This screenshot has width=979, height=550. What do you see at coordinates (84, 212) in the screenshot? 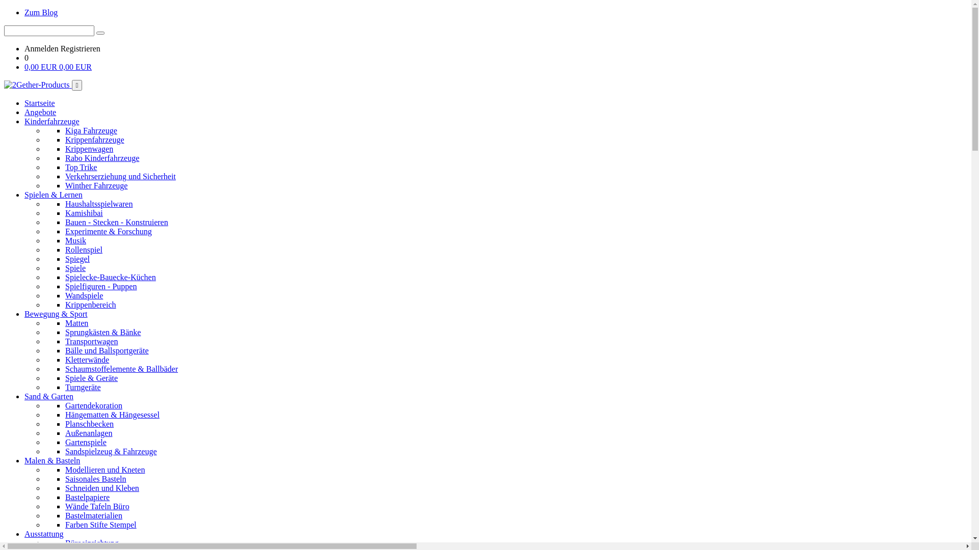
I see `'Kamishibai'` at bounding box center [84, 212].